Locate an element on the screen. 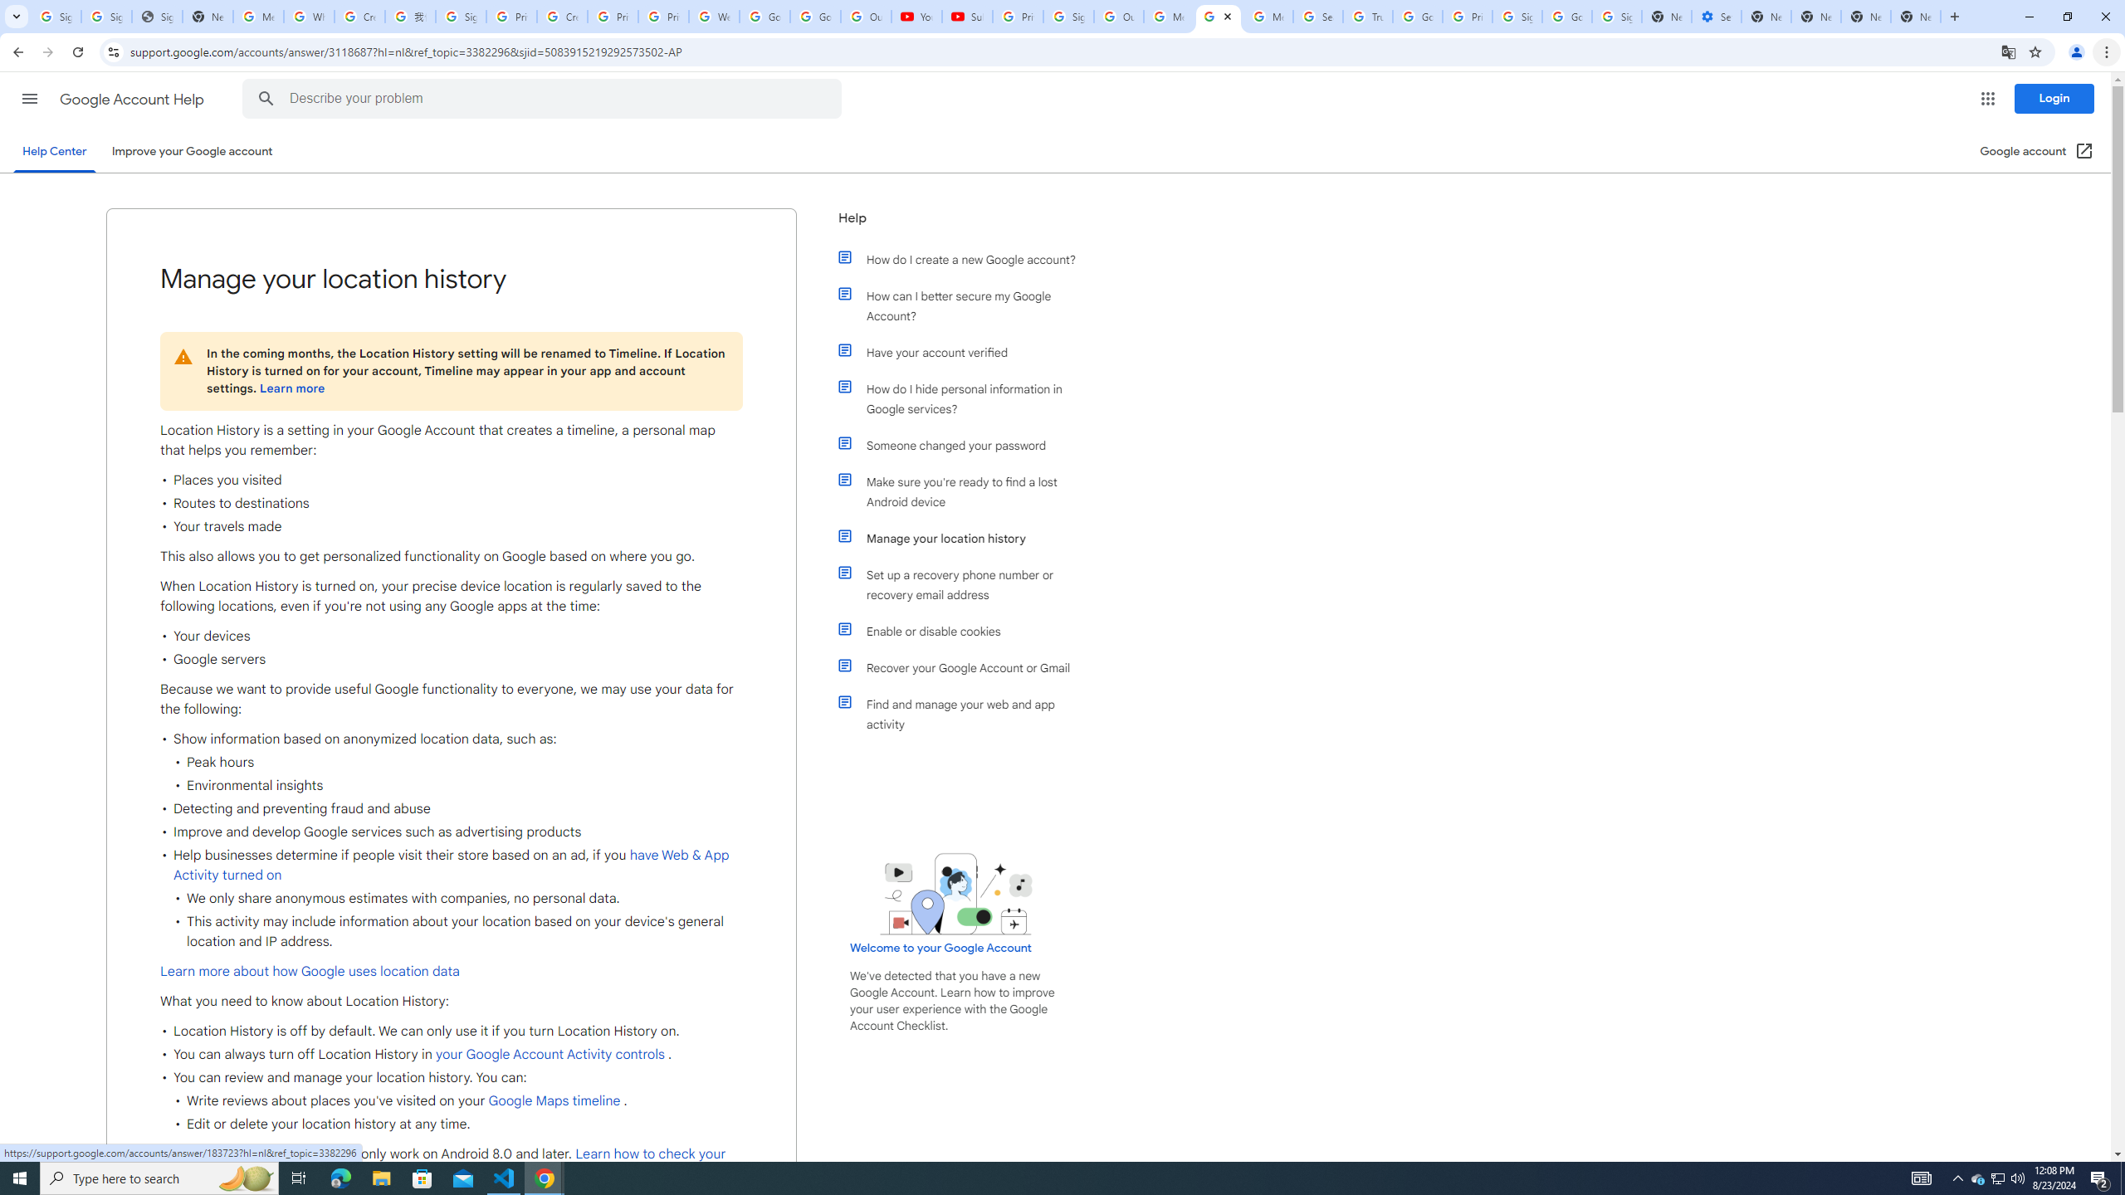 Image resolution: width=2125 pixels, height=1195 pixels. 'Learn more' is located at coordinates (291, 388).